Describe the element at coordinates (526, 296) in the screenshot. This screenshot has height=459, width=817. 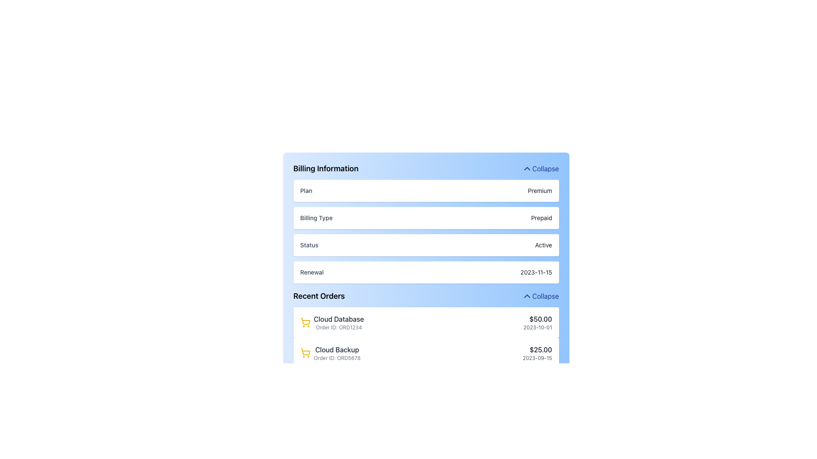
I see `the upward-pointing chevron arrow icon button with a blue stroke located in the top-right corner of the 'Collapse' text in the 'Recent Orders' section` at that location.